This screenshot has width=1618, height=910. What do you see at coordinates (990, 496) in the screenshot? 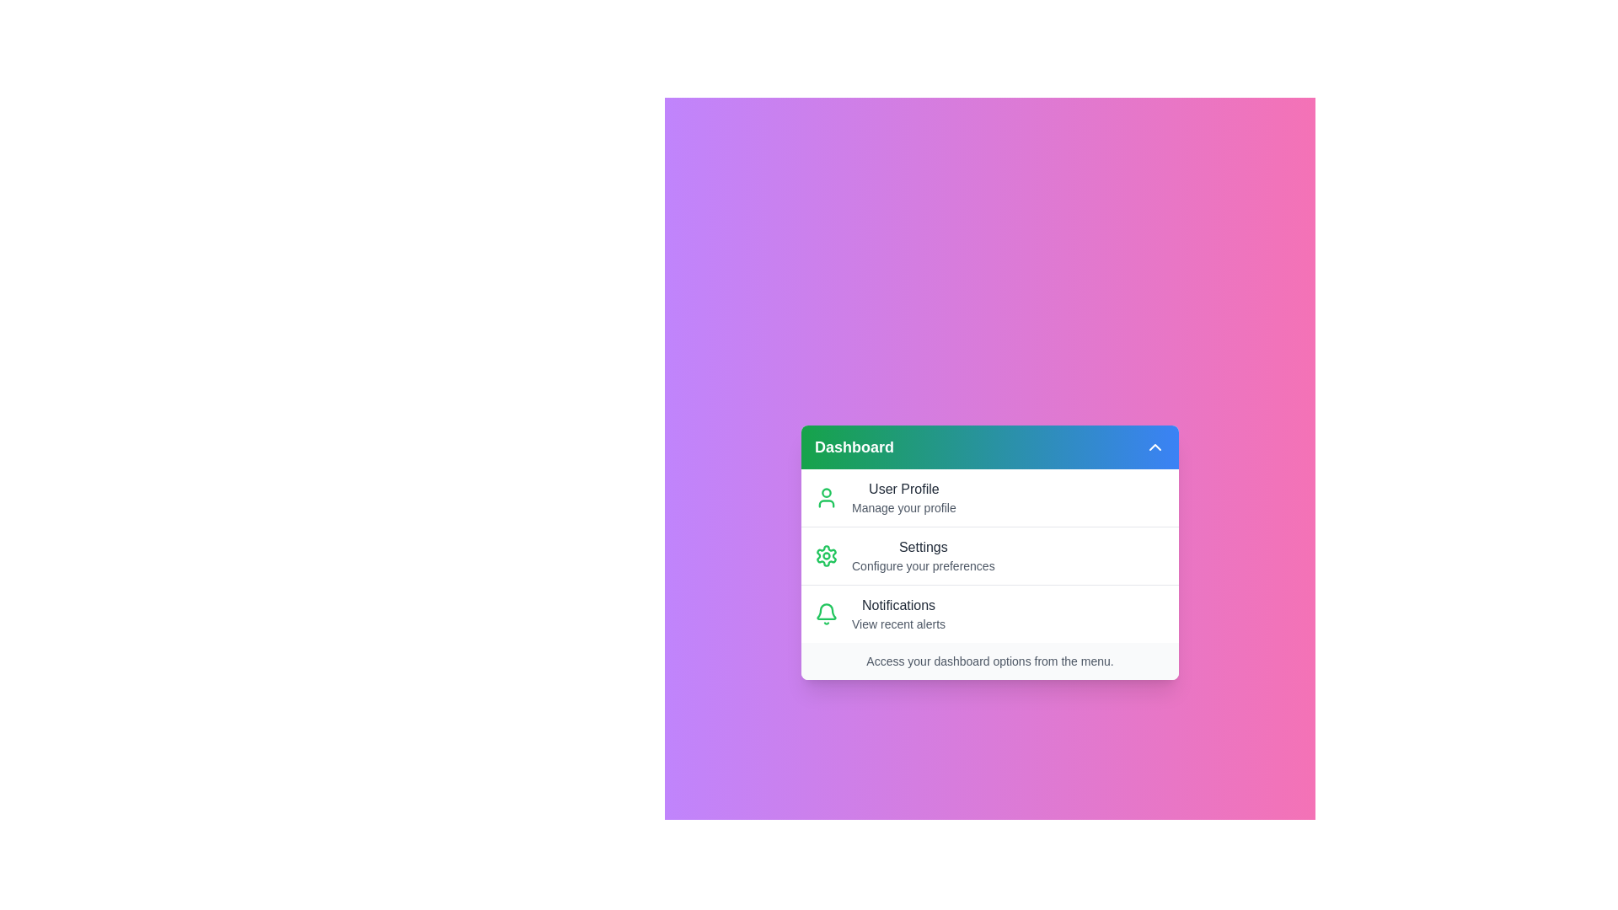
I see `the menu option User Profile to select it` at bounding box center [990, 496].